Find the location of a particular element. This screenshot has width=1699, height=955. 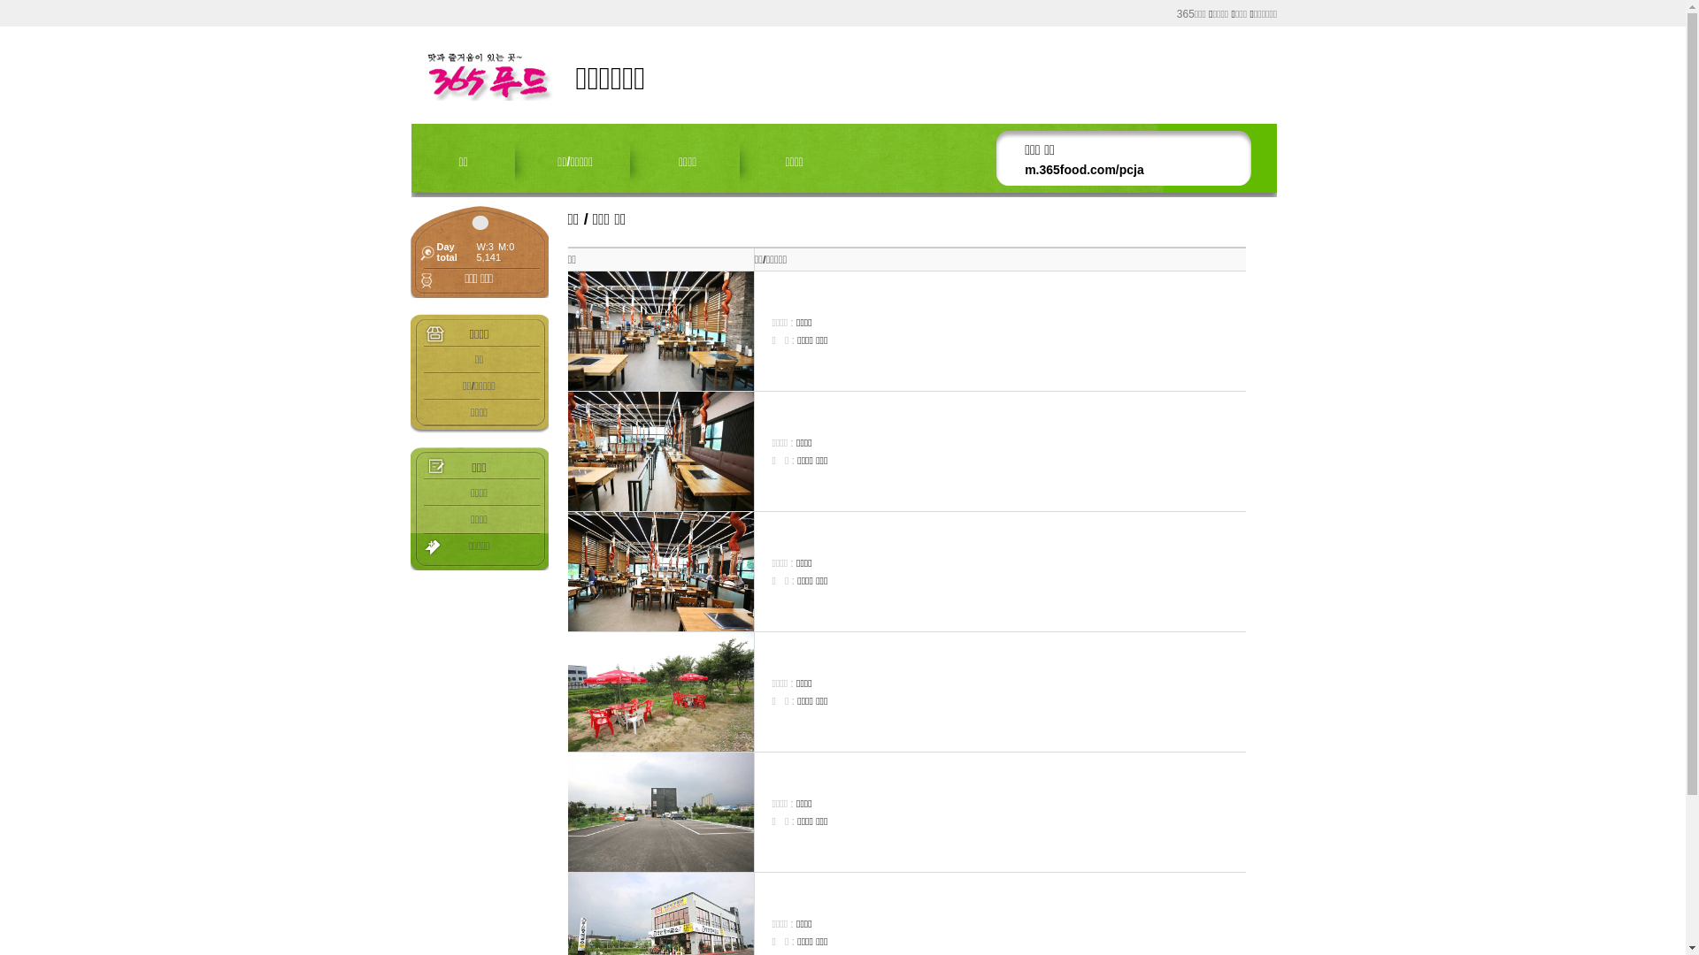

'm.365food.com/pcja' is located at coordinates (1083, 170).